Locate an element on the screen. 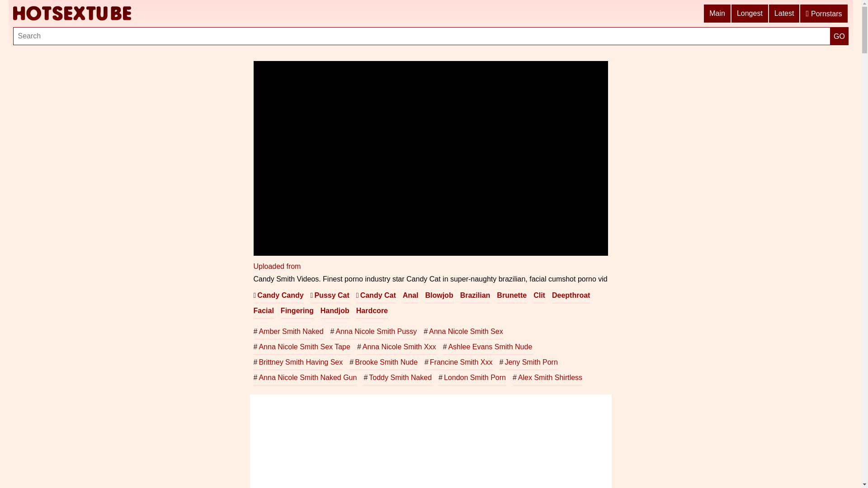  'Uploaded from' is located at coordinates (253, 266).